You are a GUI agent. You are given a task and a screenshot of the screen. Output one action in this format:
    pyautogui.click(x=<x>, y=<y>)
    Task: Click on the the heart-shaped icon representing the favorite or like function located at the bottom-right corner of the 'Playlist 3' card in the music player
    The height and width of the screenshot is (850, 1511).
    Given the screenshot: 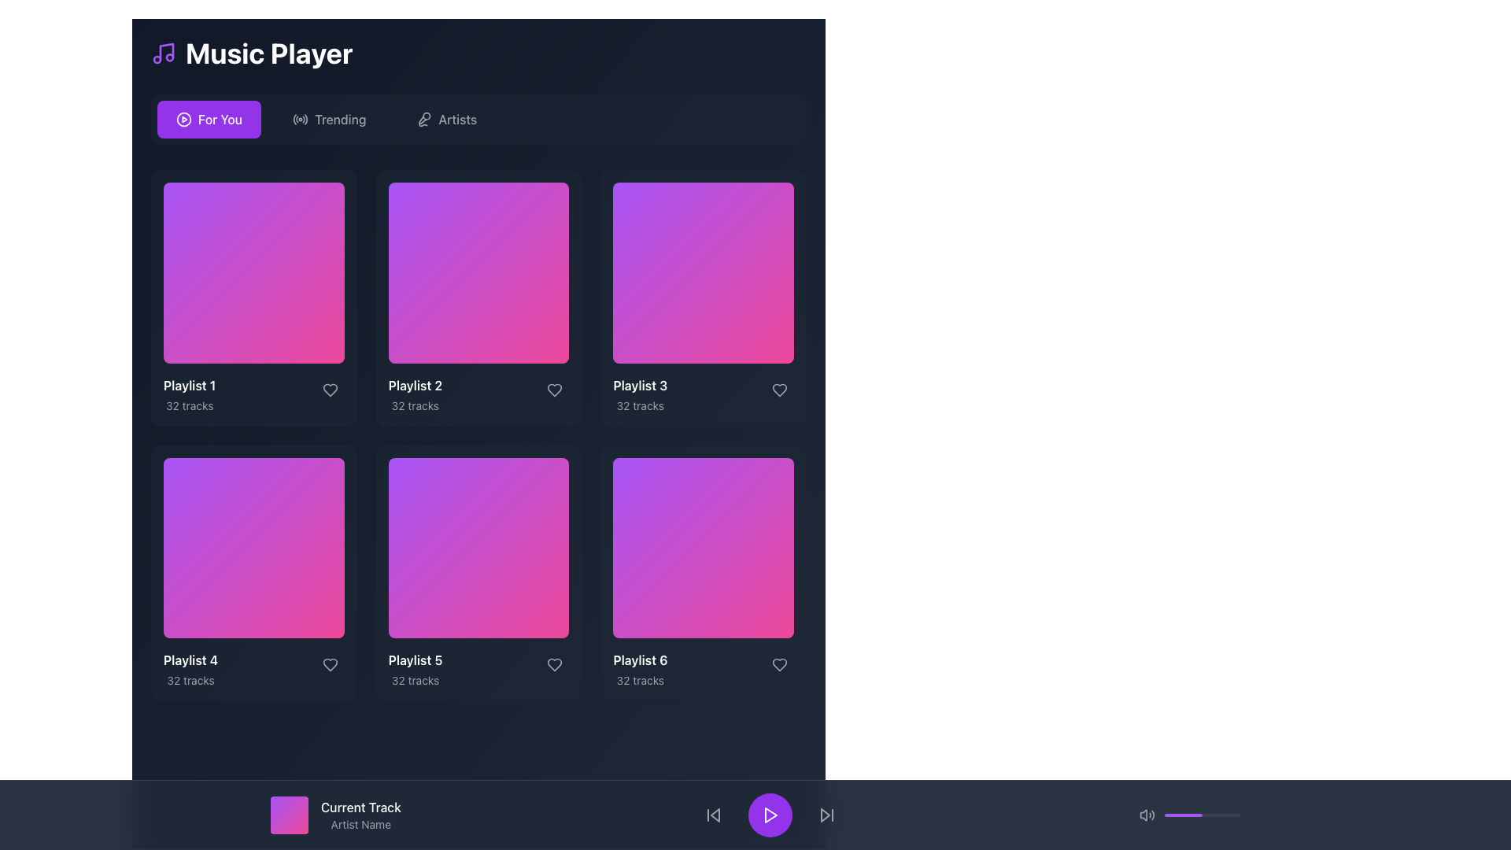 What is the action you would take?
    pyautogui.click(x=779, y=390)
    